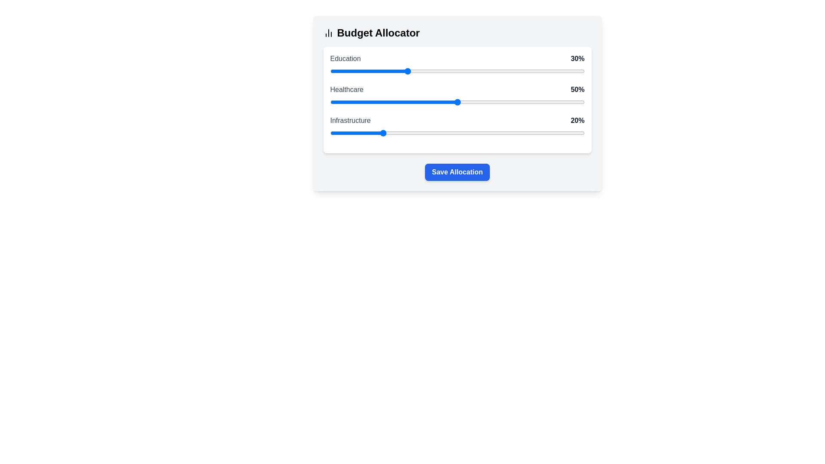  I want to click on infrastructure allocation, so click(366, 133).